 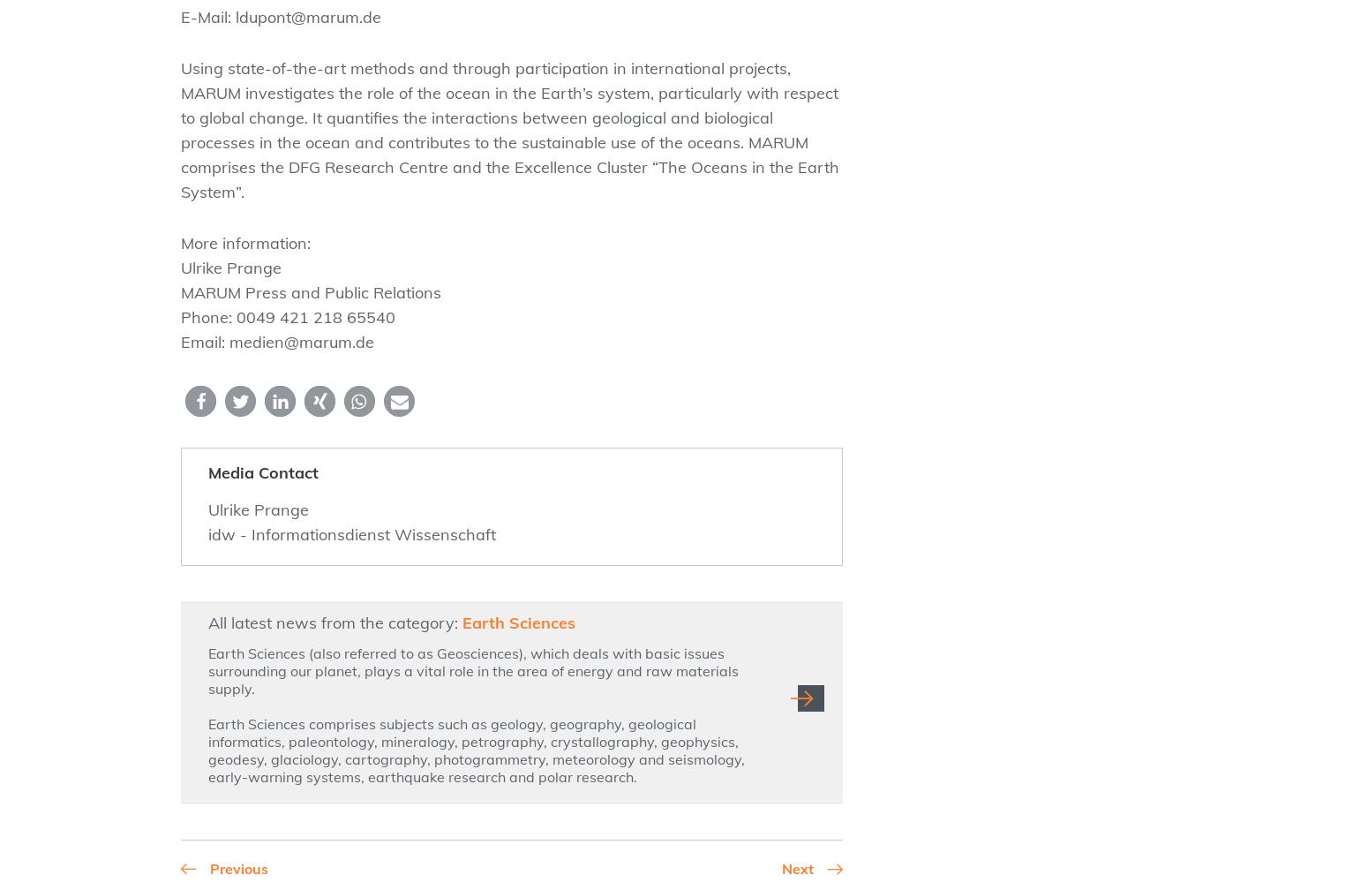 I want to click on 'Phone: 0049 421 218 65540', so click(x=180, y=317).